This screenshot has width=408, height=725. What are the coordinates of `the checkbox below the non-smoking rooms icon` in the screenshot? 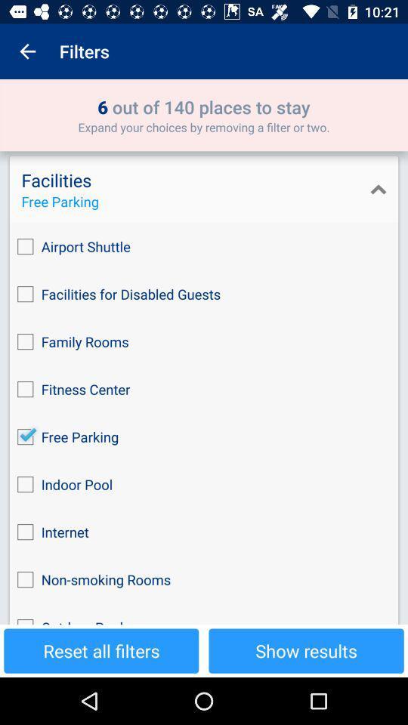 It's located at (204, 614).